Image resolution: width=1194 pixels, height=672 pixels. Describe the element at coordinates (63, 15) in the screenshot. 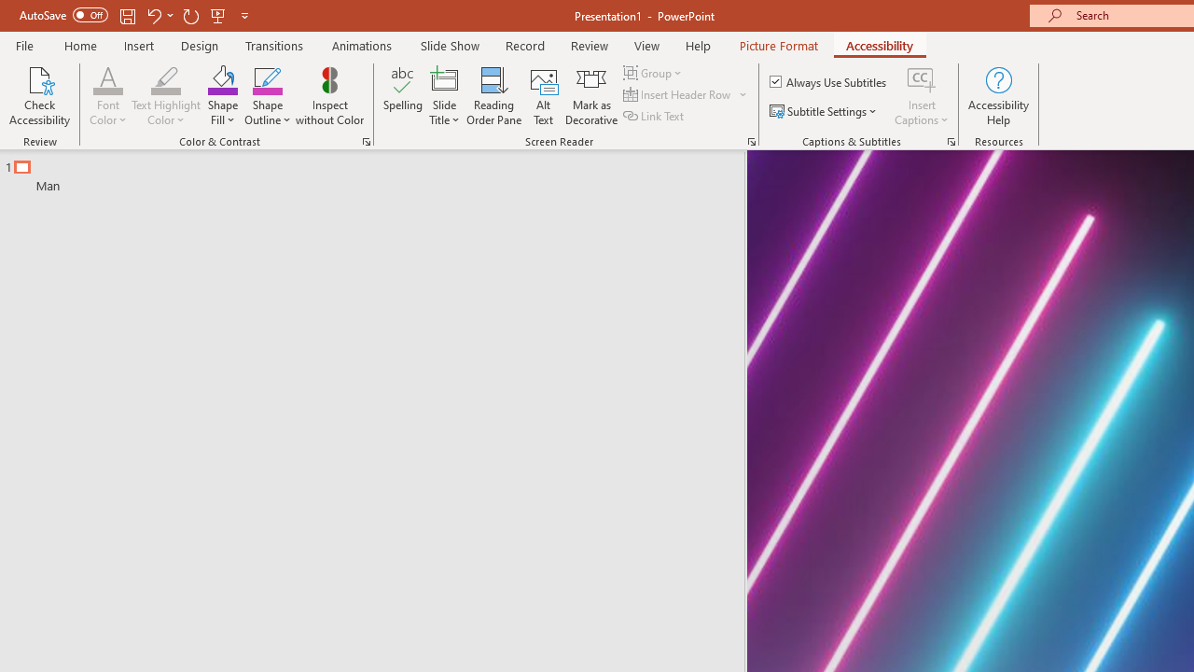

I see `'AutoSave'` at that location.